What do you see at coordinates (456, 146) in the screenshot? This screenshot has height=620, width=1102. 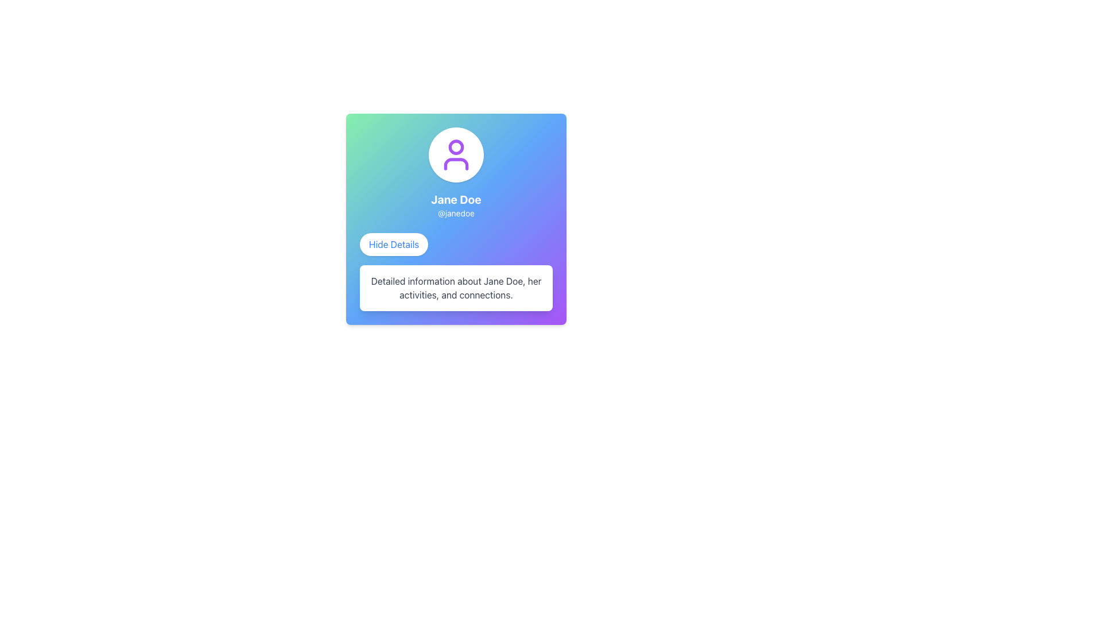 I see `the small circular shape representing a head within the user-themed icon at the top of the profile card, which is styled in purple tones` at bounding box center [456, 146].